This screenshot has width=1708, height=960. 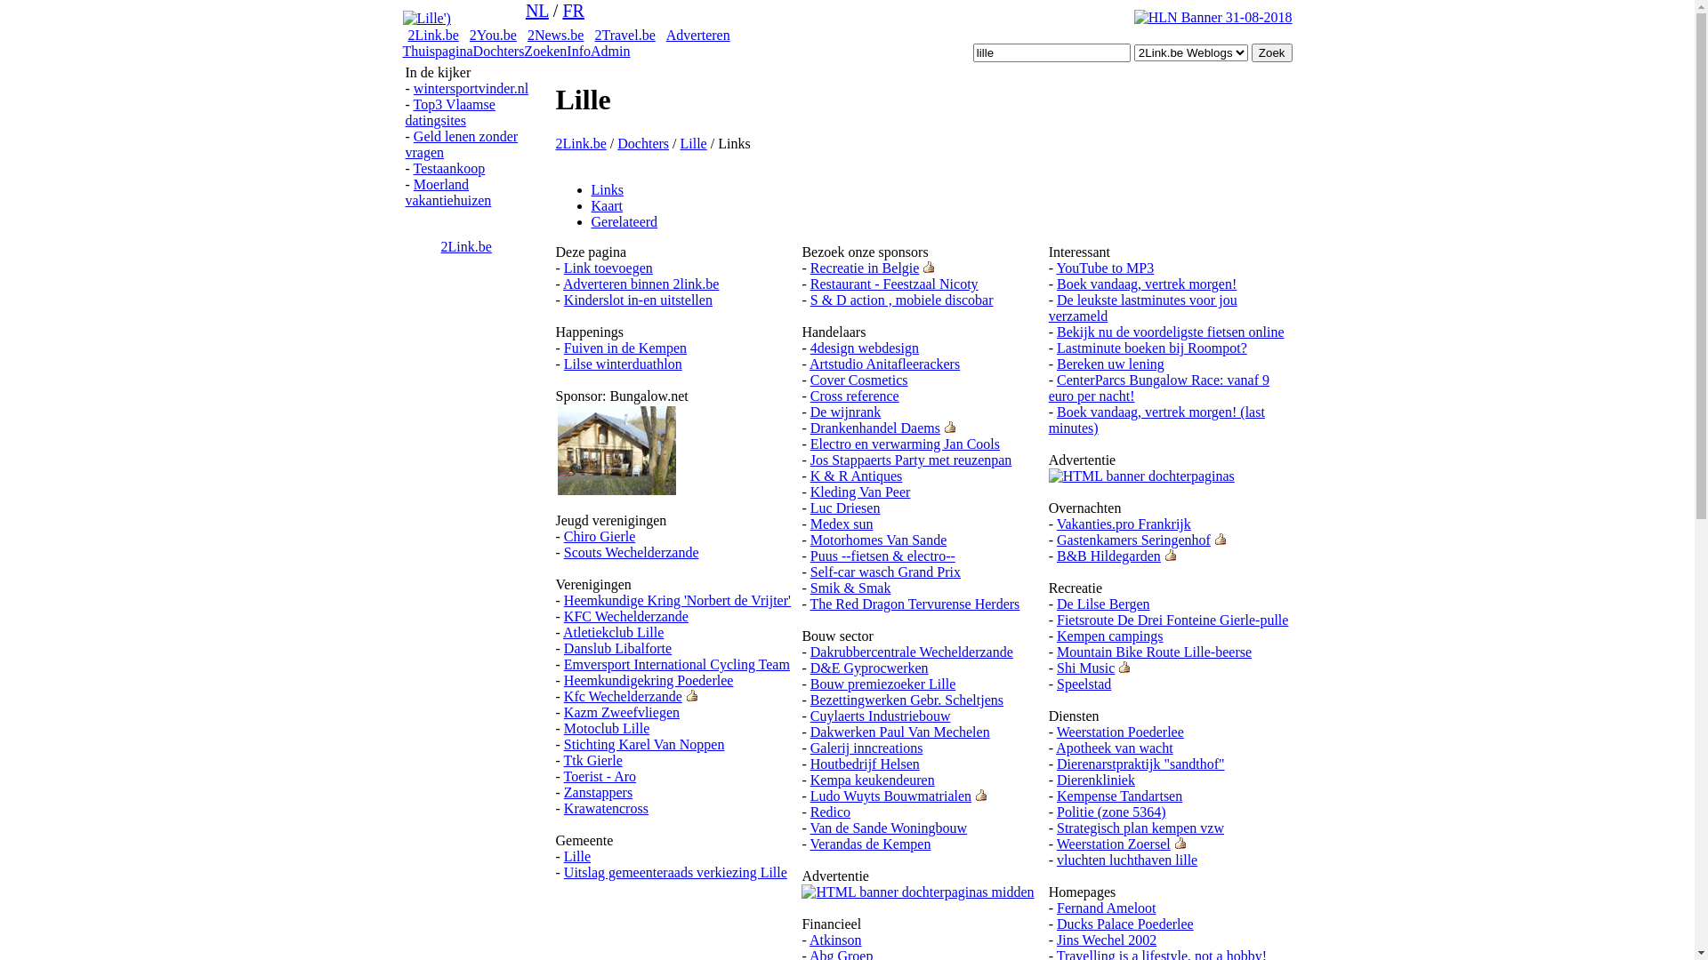 What do you see at coordinates (1084, 668) in the screenshot?
I see `'Shi Music'` at bounding box center [1084, 668].